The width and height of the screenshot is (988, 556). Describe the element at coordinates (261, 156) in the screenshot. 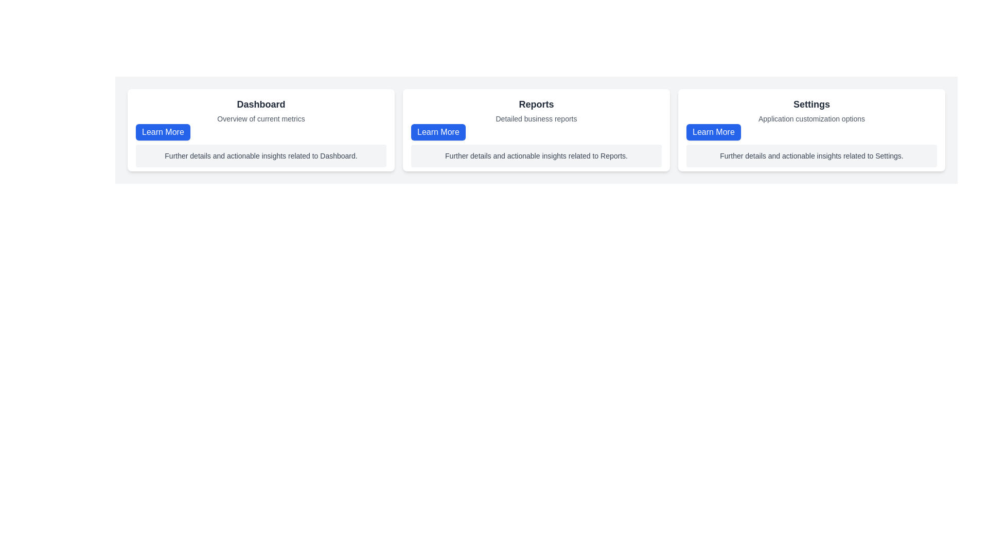

I see `text from the text block styled with a light gray background and rounded corners that contains the content 'Further details and actionable insights related to Dashboard.'` at that location.